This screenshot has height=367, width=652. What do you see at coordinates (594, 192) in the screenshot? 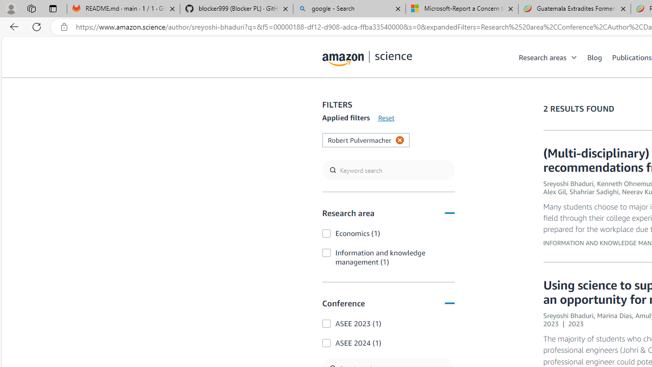
I see `'Shahriar Sadighi'` at bounding box center [594, 192].